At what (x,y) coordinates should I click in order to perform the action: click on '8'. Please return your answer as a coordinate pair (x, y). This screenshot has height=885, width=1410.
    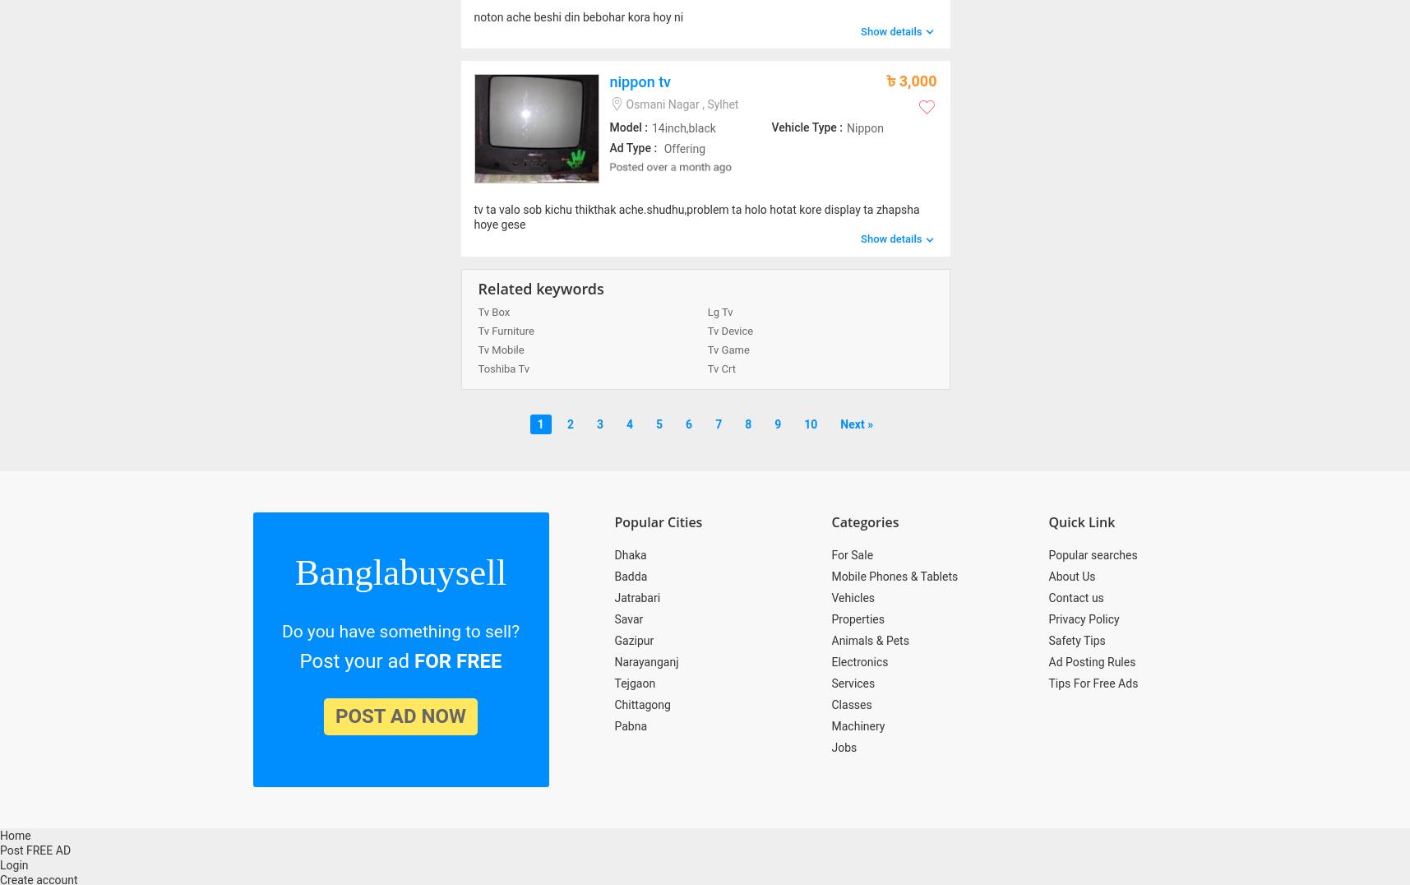
    Looking at the image, I should click on (747, 423).